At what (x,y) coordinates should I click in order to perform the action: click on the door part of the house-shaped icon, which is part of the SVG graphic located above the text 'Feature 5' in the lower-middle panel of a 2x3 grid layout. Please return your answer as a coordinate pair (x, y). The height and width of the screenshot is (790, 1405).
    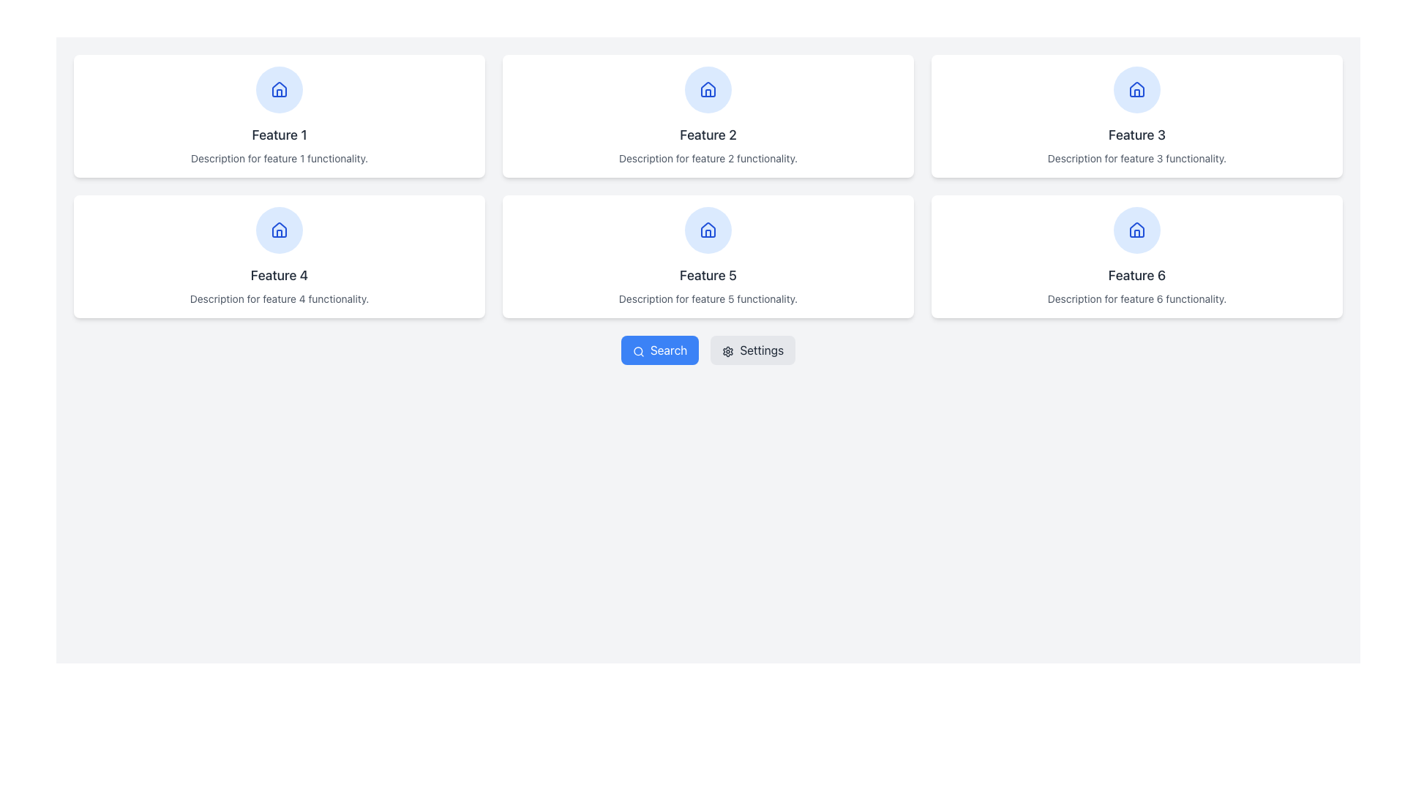
    Looking at the image, I should click on (708, 233).